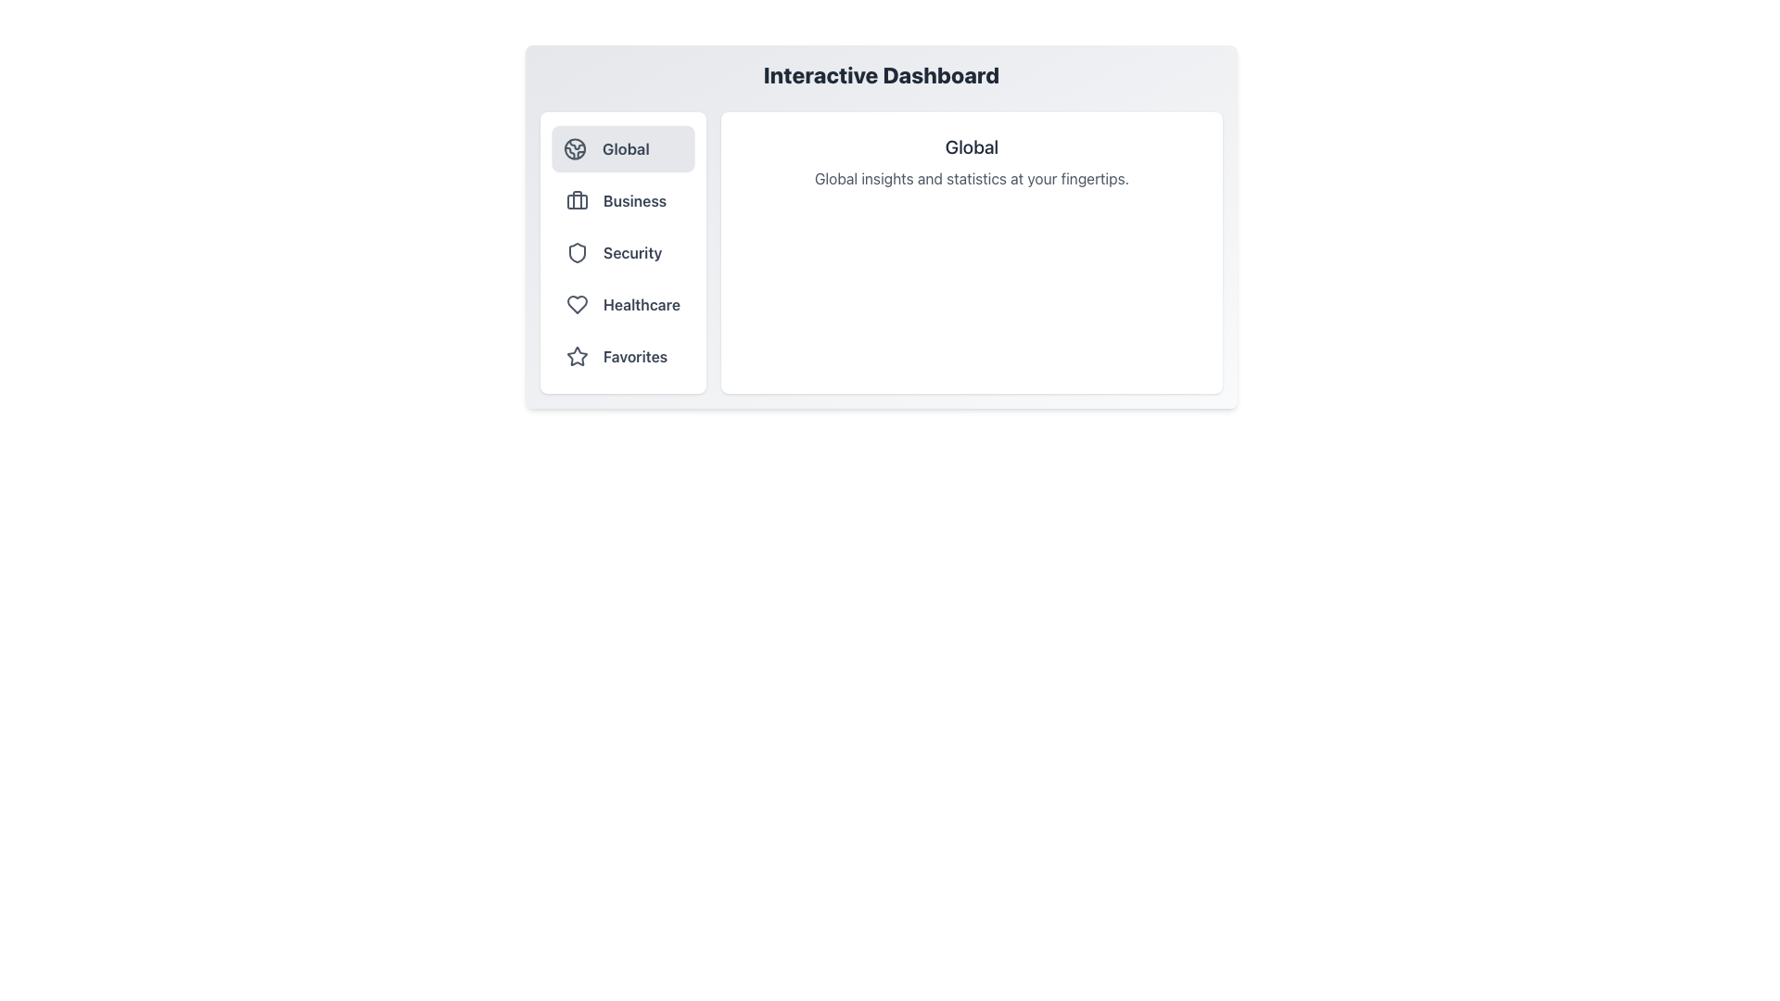  Describe the element at coordinates (623, 200) in the screenshot. I see `the navigational menu item for 'Business' located in the sidebar menu` at that location.